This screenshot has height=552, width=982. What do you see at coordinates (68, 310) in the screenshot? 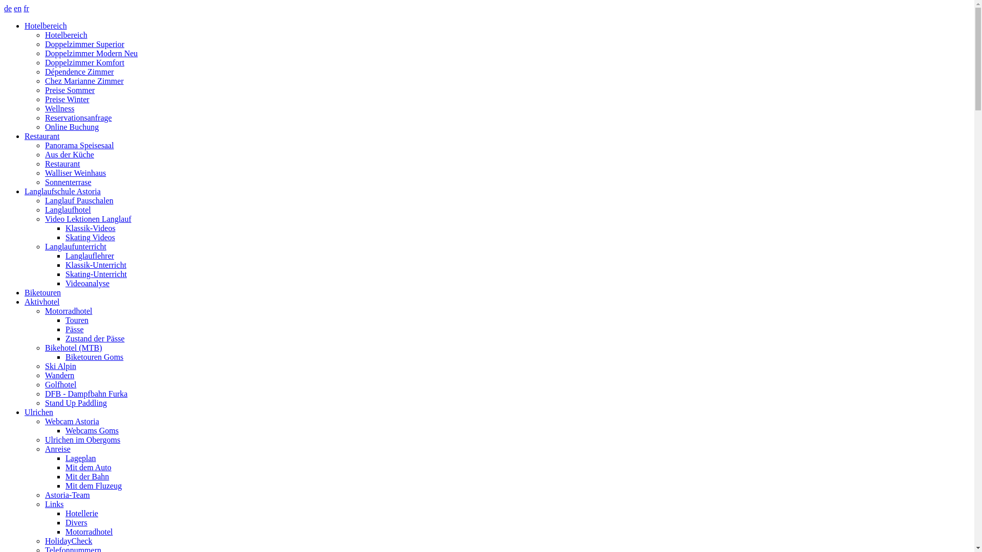
I see `'Motorradhotel'` at bounding box center [68, 310].